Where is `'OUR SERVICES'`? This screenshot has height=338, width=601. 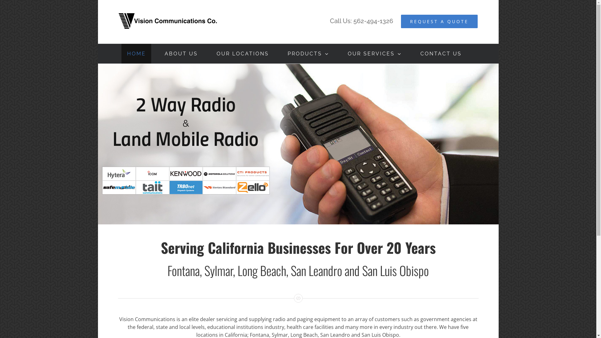 'OUR SERVICES' is located at coordinates (374, 53).